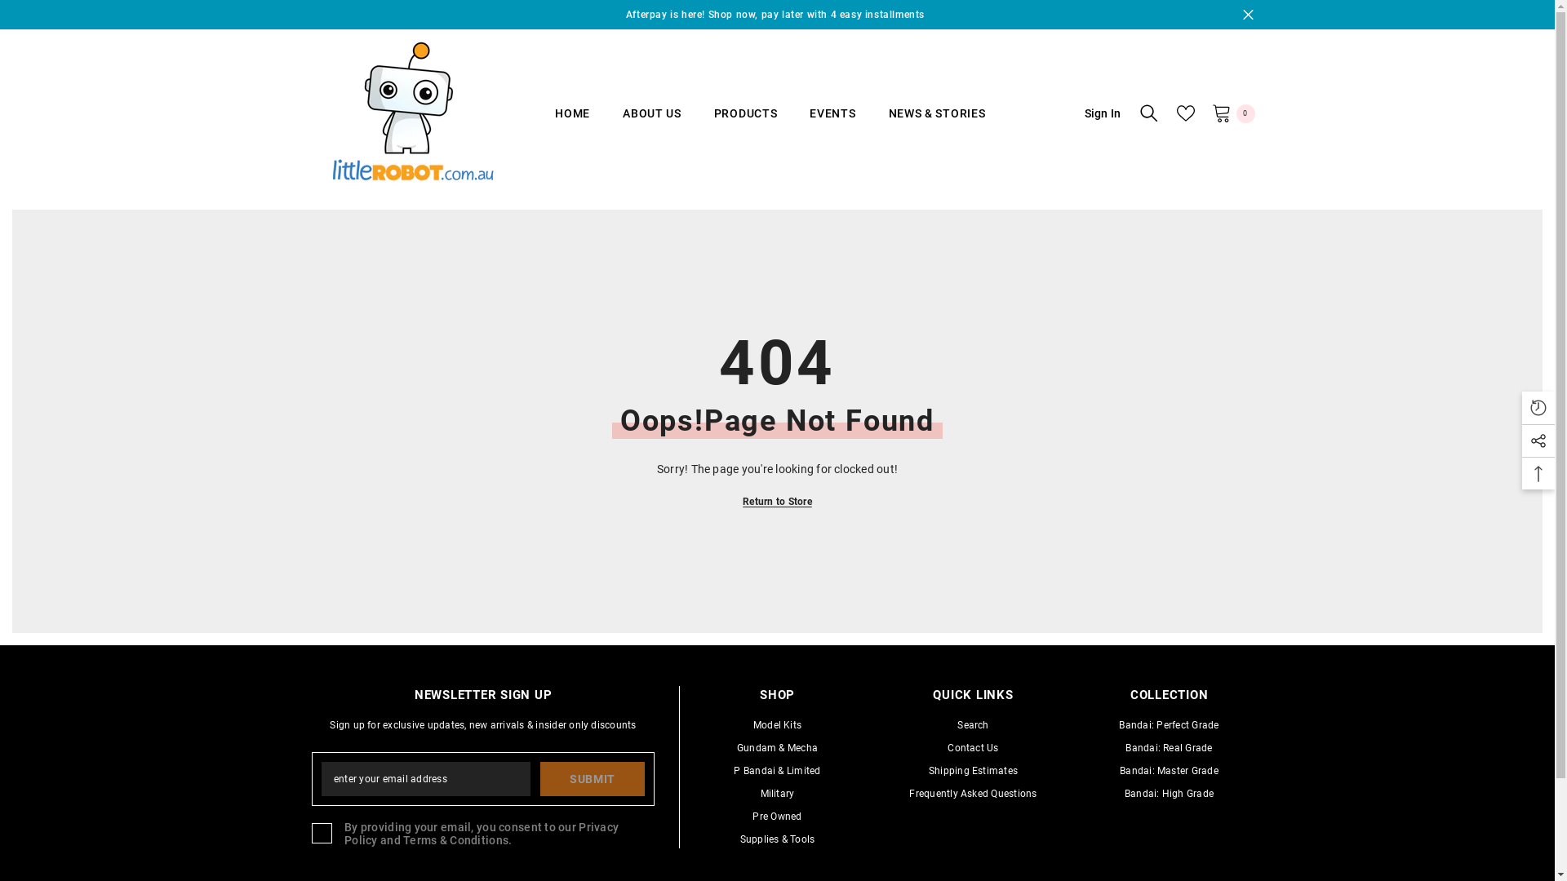  I want to click on 'Gundam & Mecha', so click(776, 748).